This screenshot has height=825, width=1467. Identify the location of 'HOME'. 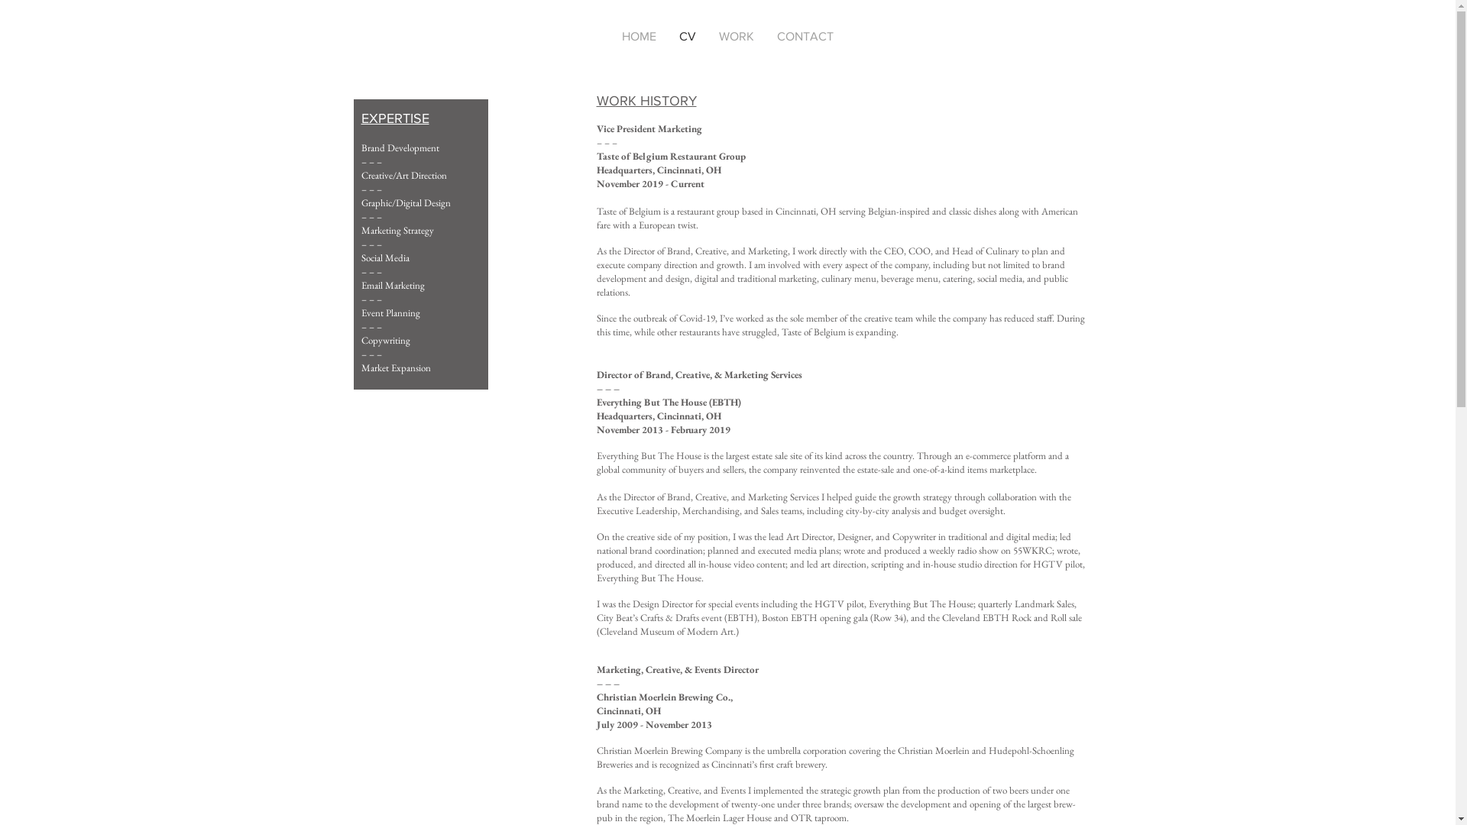
(639, 35).